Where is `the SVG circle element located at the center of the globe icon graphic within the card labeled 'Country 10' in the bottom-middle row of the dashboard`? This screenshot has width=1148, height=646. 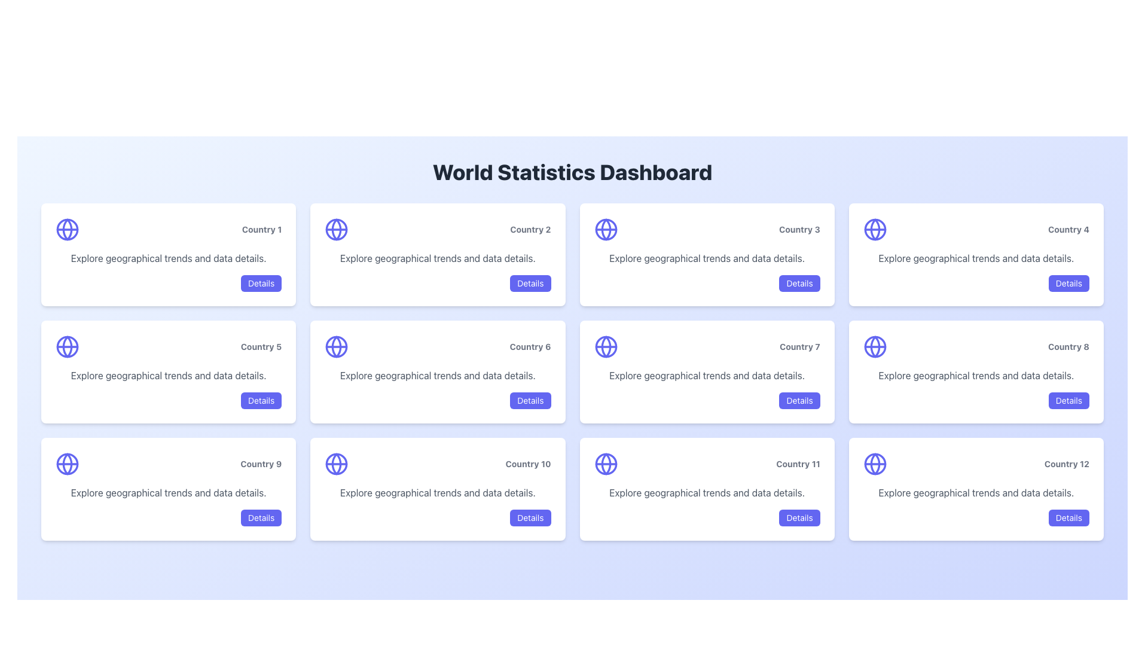 the SVG circle element located at the center of the globe icon graphic within the card labeled 'Country 10' in the bottom-middle row of the dashboard is located at coordinates (336, 463).